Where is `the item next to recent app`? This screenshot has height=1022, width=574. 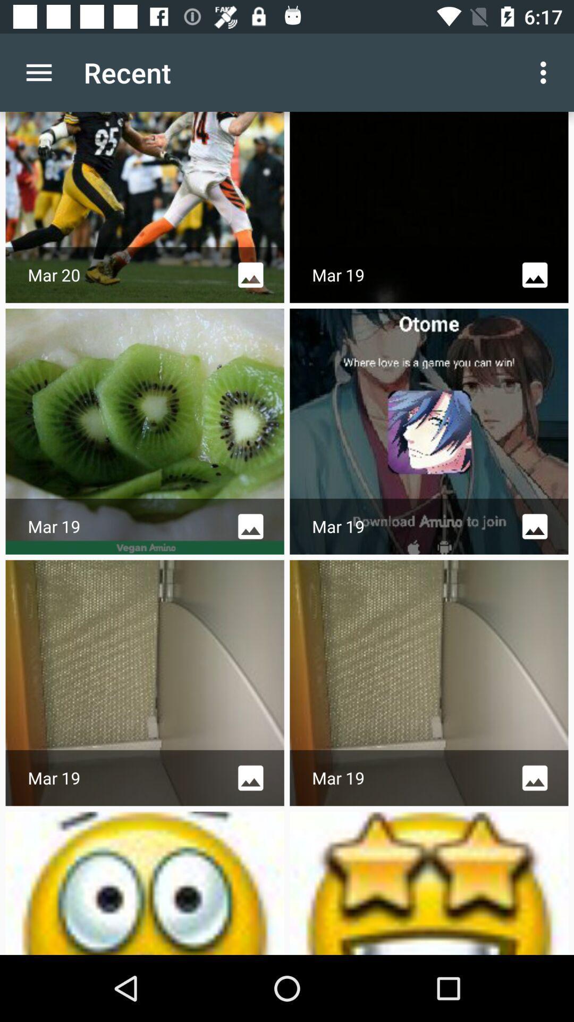
the item next to recent app is located at coordinates (38, 72).